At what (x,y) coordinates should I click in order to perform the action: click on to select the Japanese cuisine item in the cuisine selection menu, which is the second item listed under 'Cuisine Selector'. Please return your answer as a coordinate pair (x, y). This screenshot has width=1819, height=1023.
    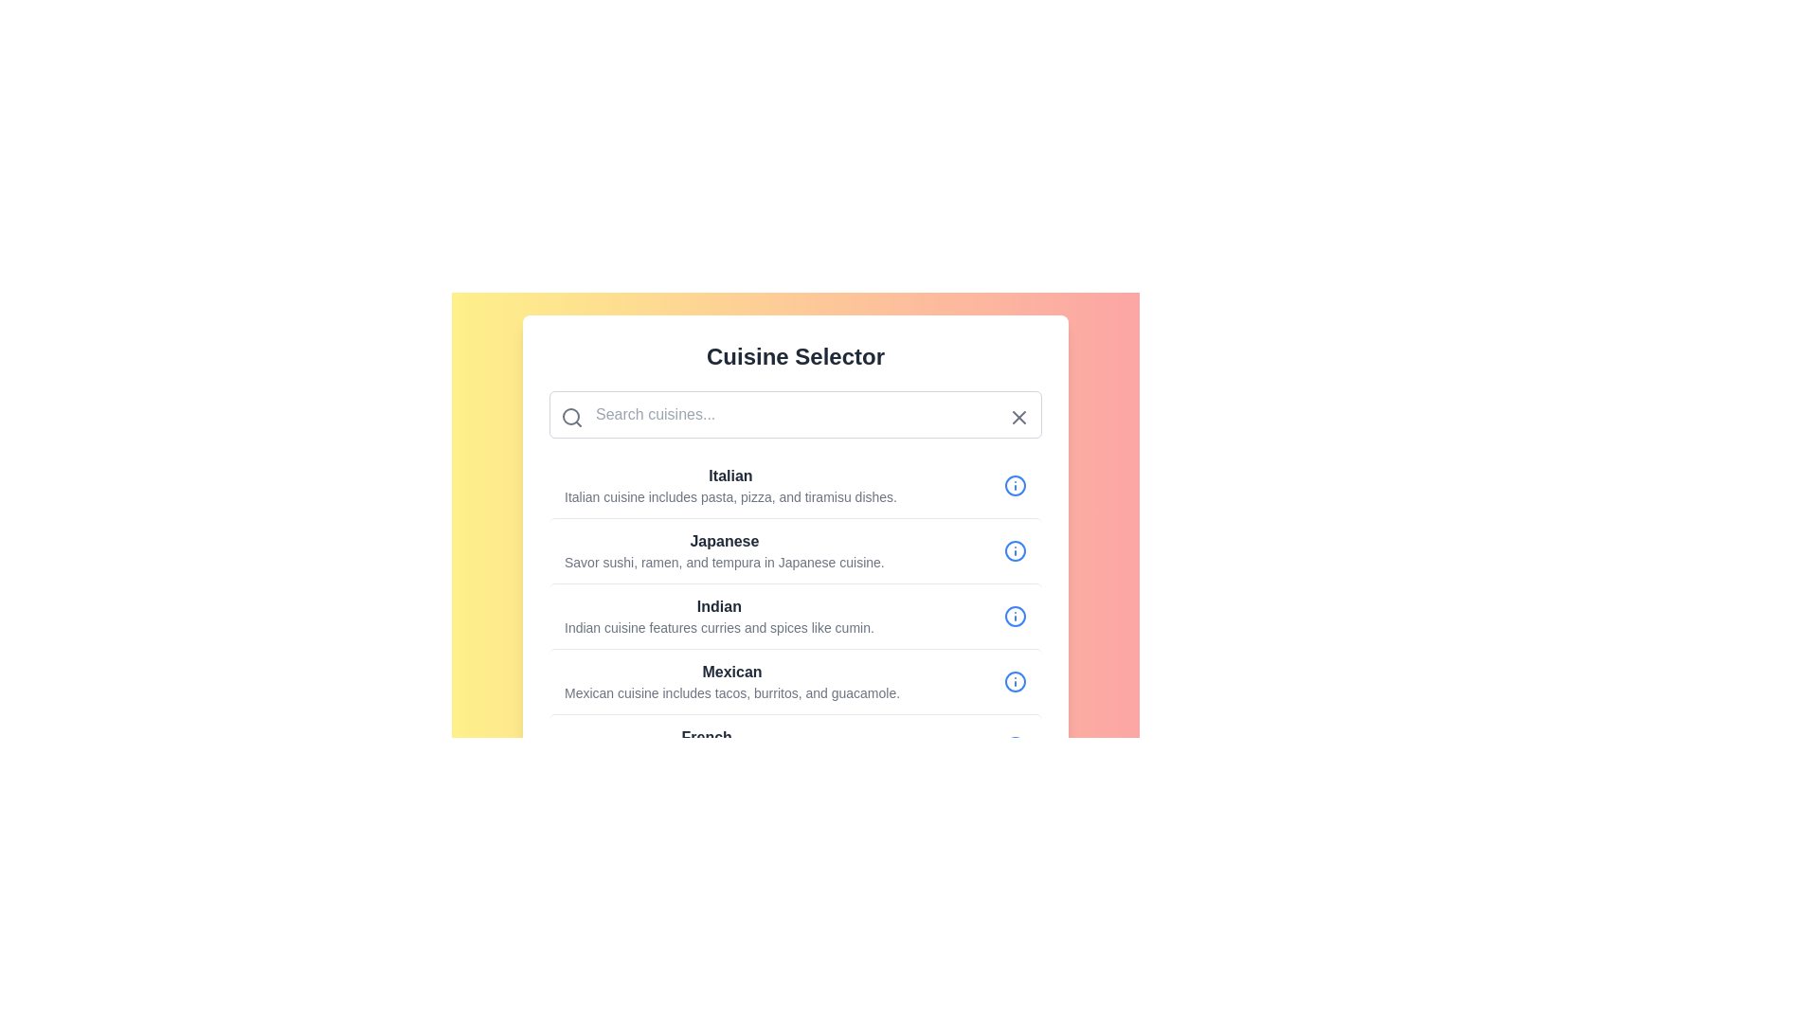
    Looking at the image, I should click on (796, 550).